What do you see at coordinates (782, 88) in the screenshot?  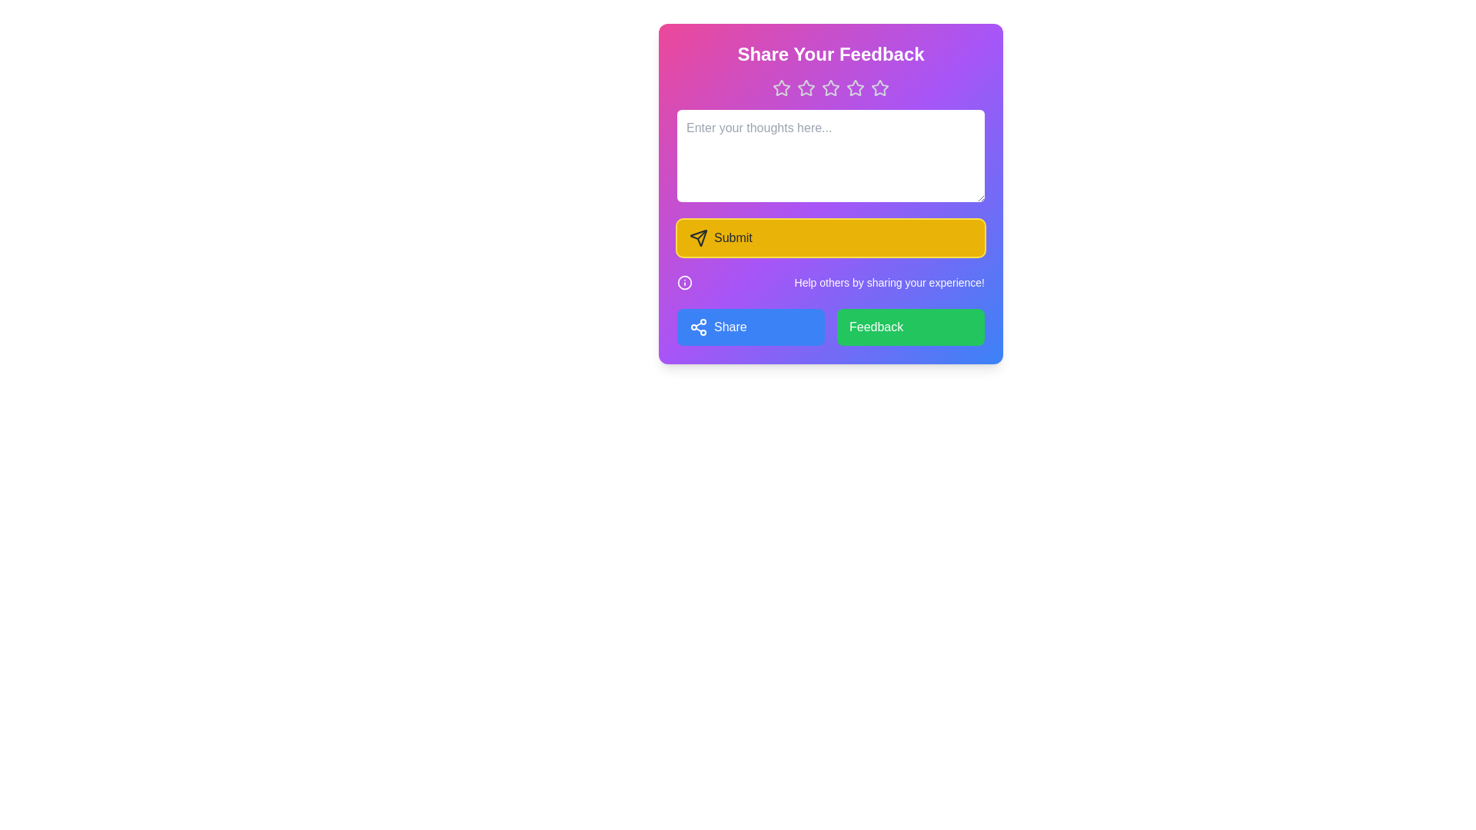 I see `the first star icon` at bounding box center [782, 88].